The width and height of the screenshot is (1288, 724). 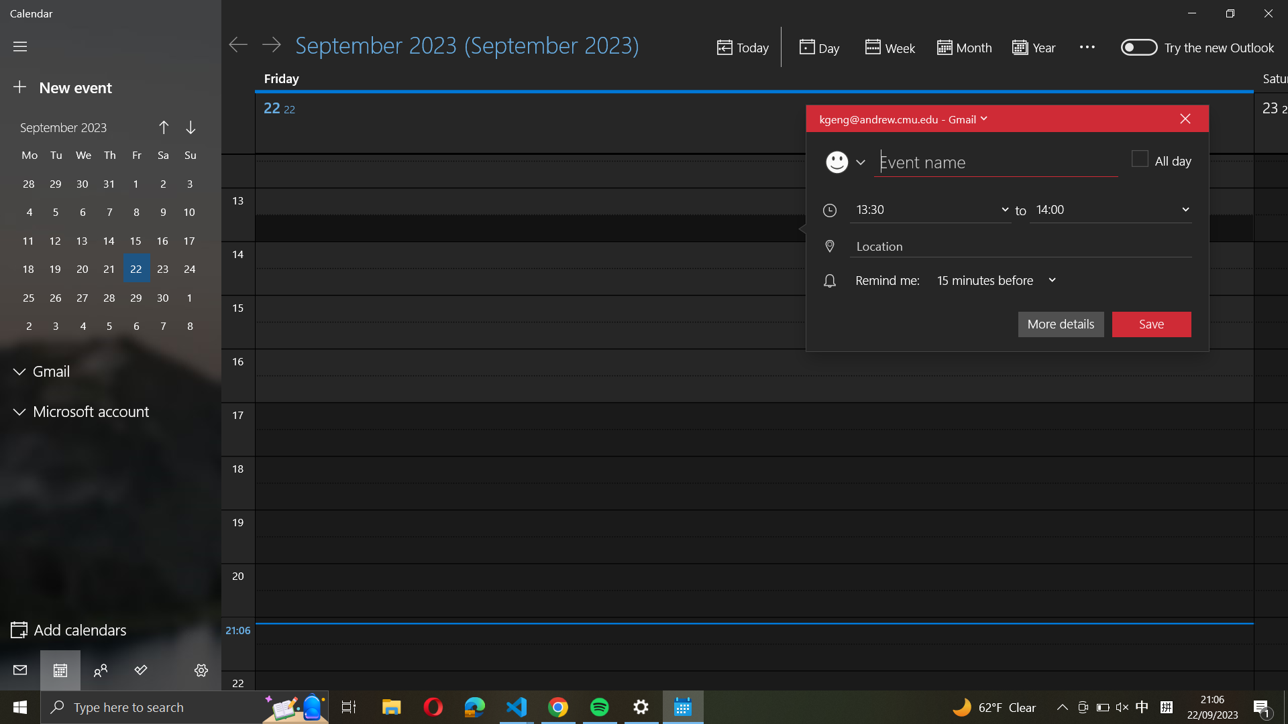 What do you see at coordinates (1060, 322) in the screenshot?
I see `Reveal additional data for the active event by opening "more details"` at bounding box center [1060, 322].